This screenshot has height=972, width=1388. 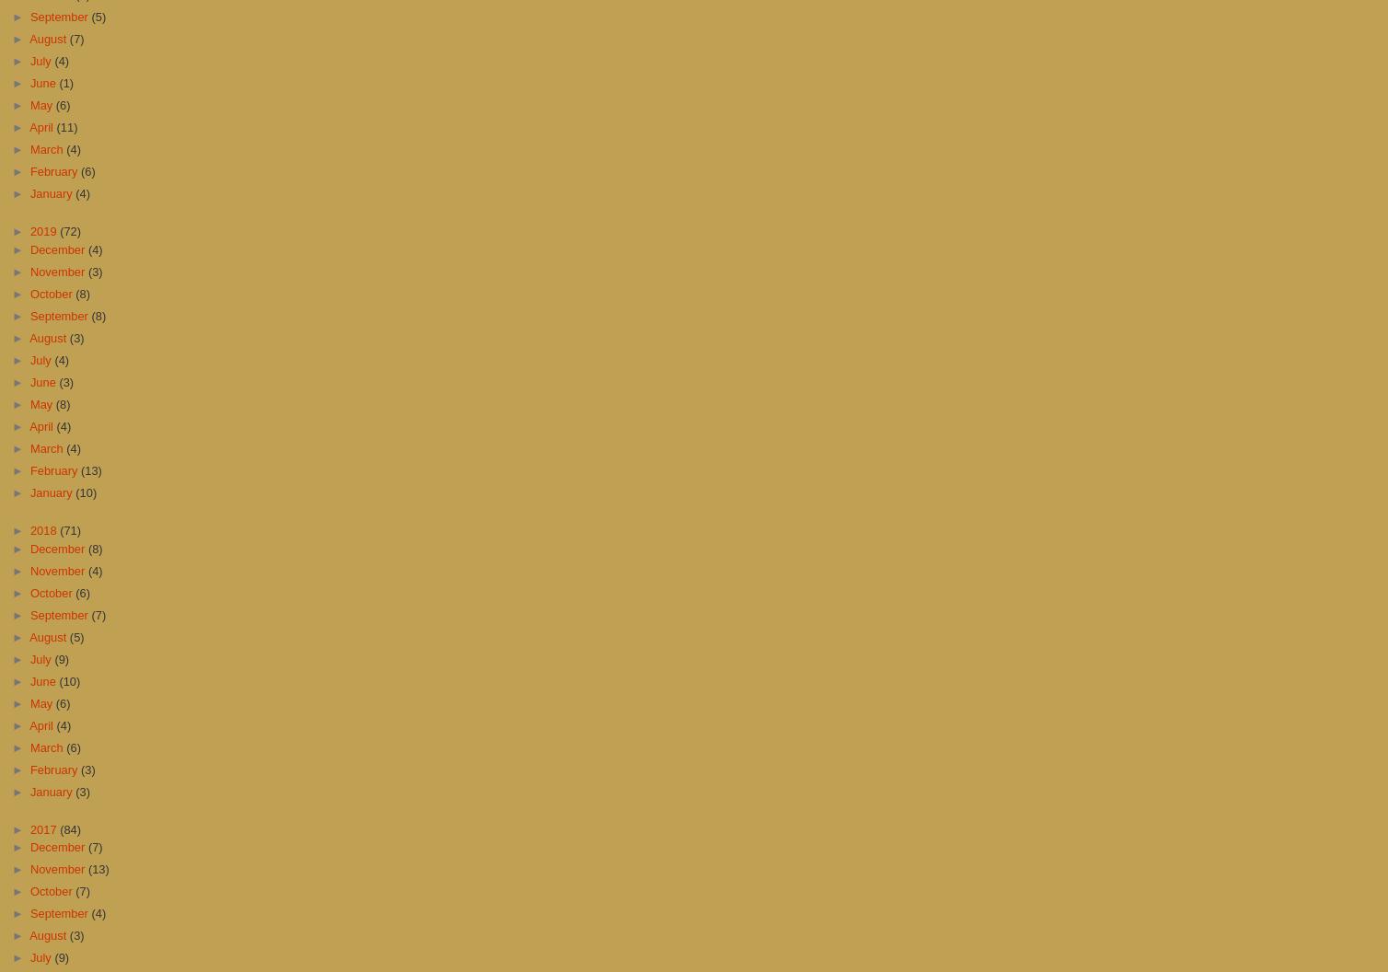 What do you see at coordinates (70, 827) in the screenshot?
I see `'(84)'` at bounding box center [70, 827].